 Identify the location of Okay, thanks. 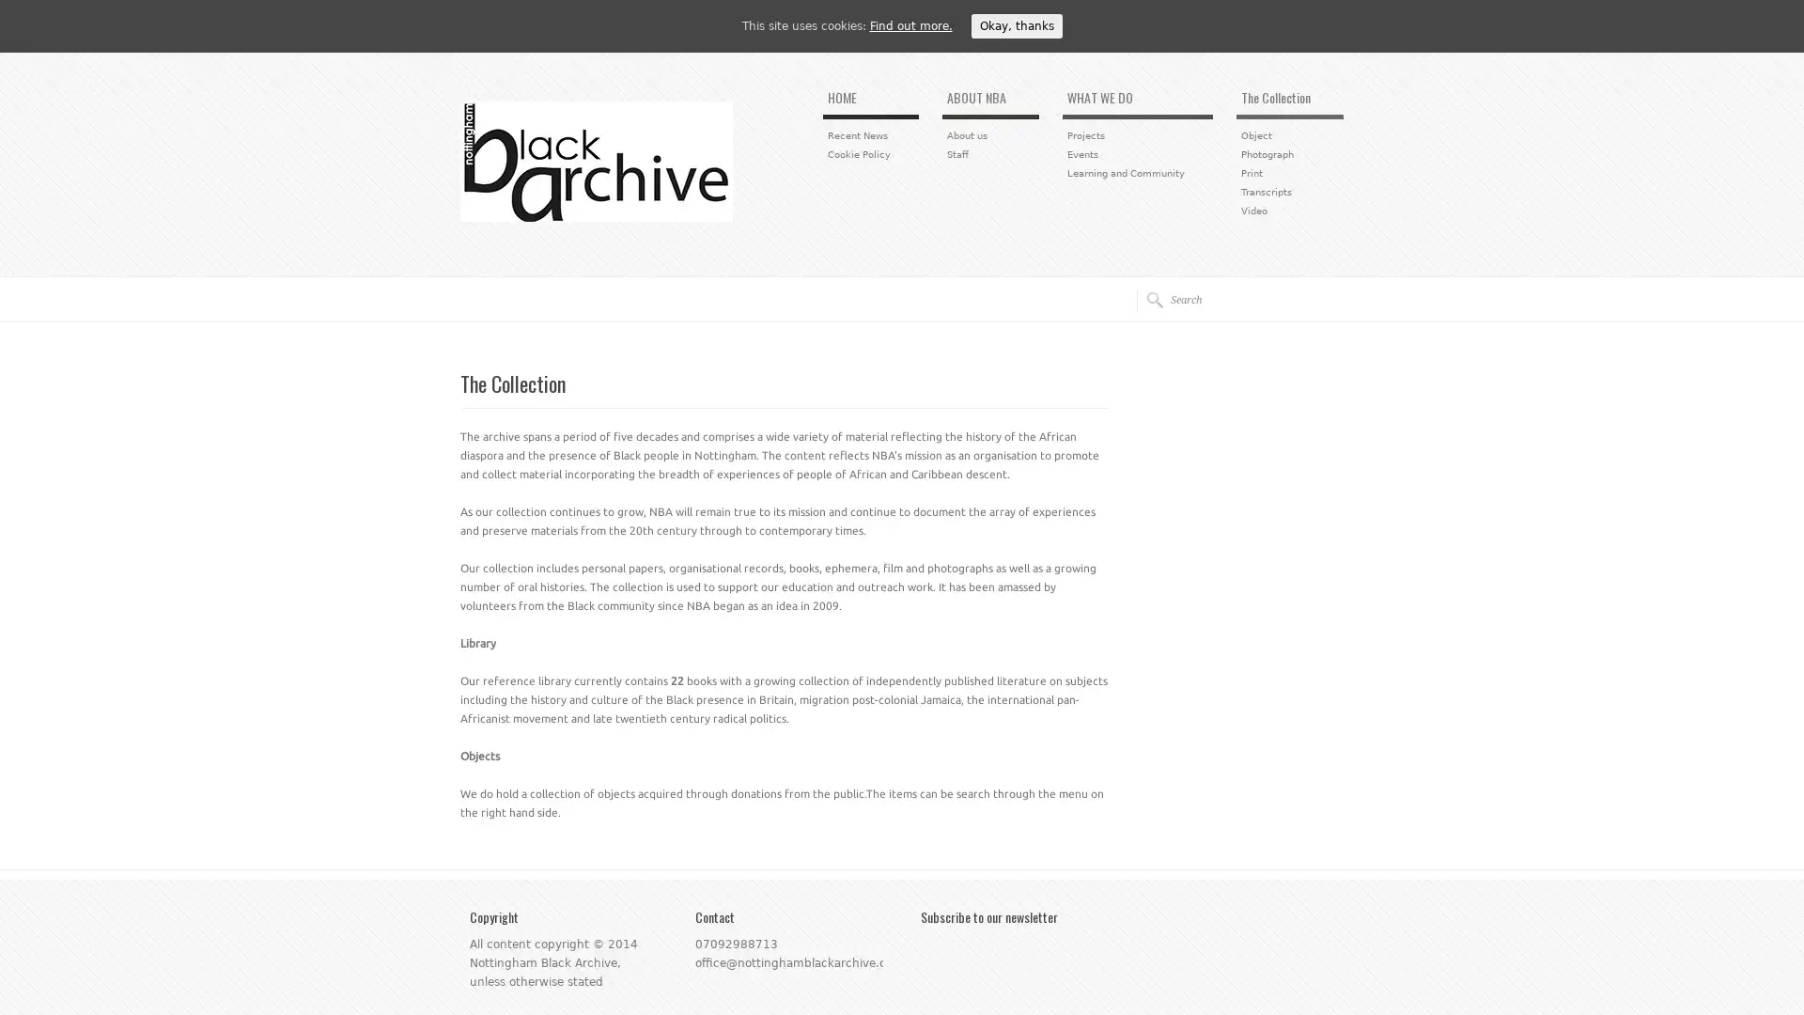
(1015, 25).